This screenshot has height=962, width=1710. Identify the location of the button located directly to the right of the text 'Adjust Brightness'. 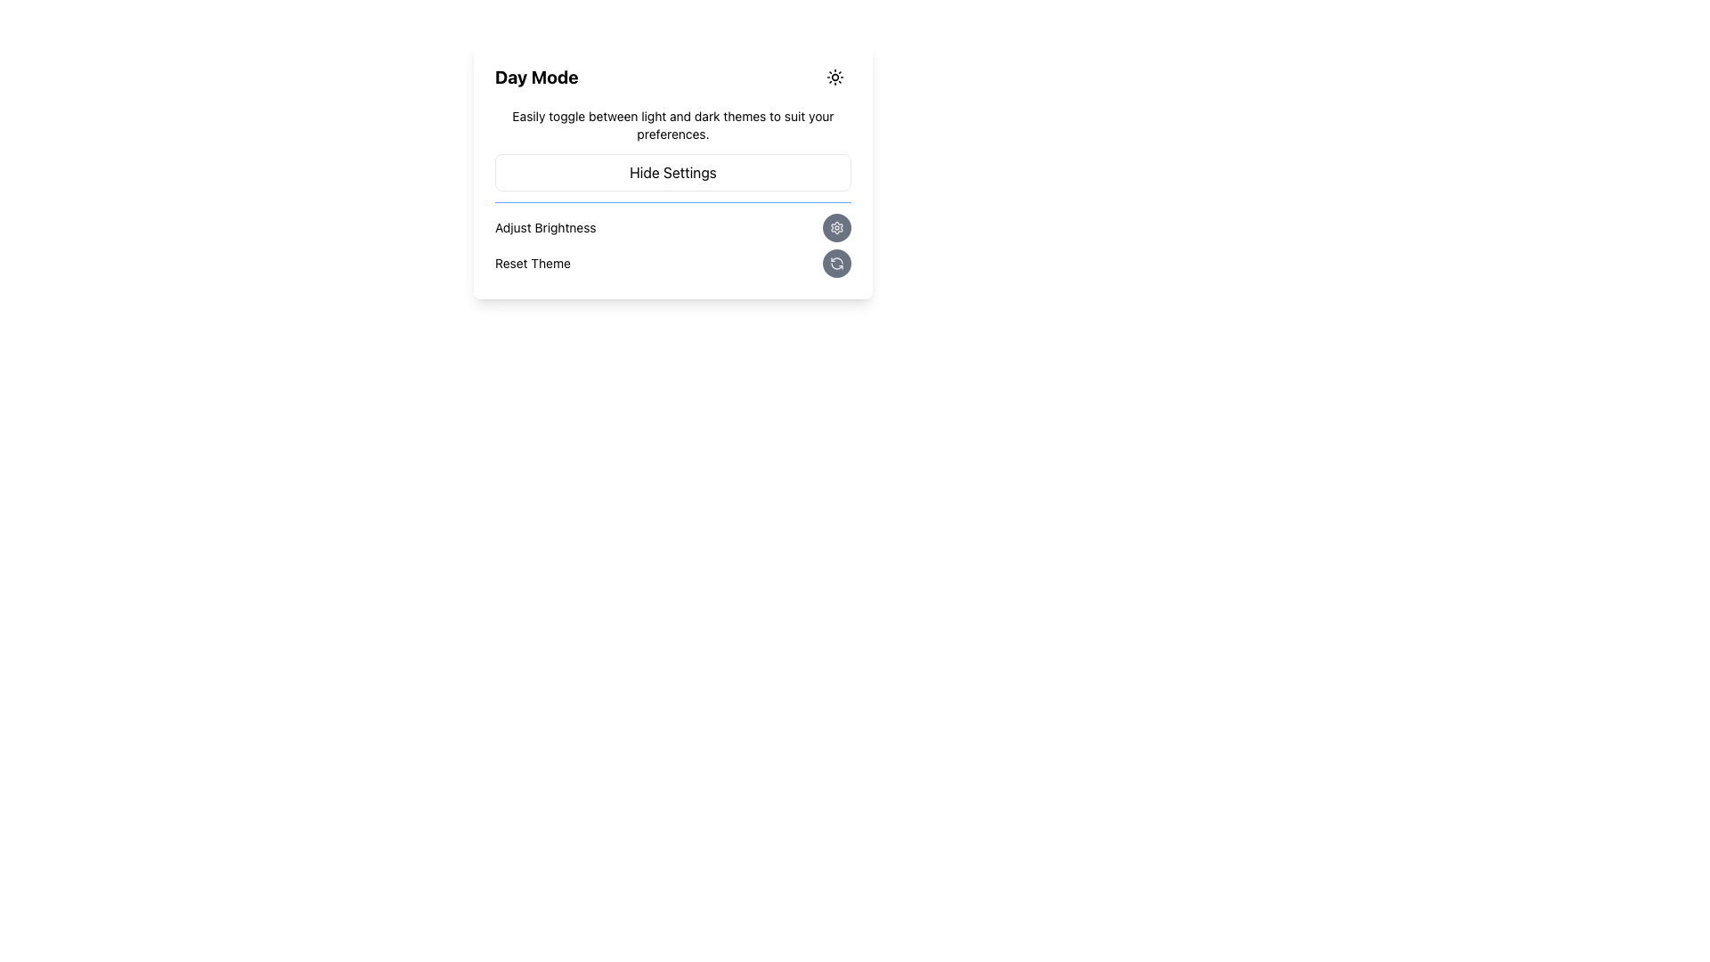
(836, 226).